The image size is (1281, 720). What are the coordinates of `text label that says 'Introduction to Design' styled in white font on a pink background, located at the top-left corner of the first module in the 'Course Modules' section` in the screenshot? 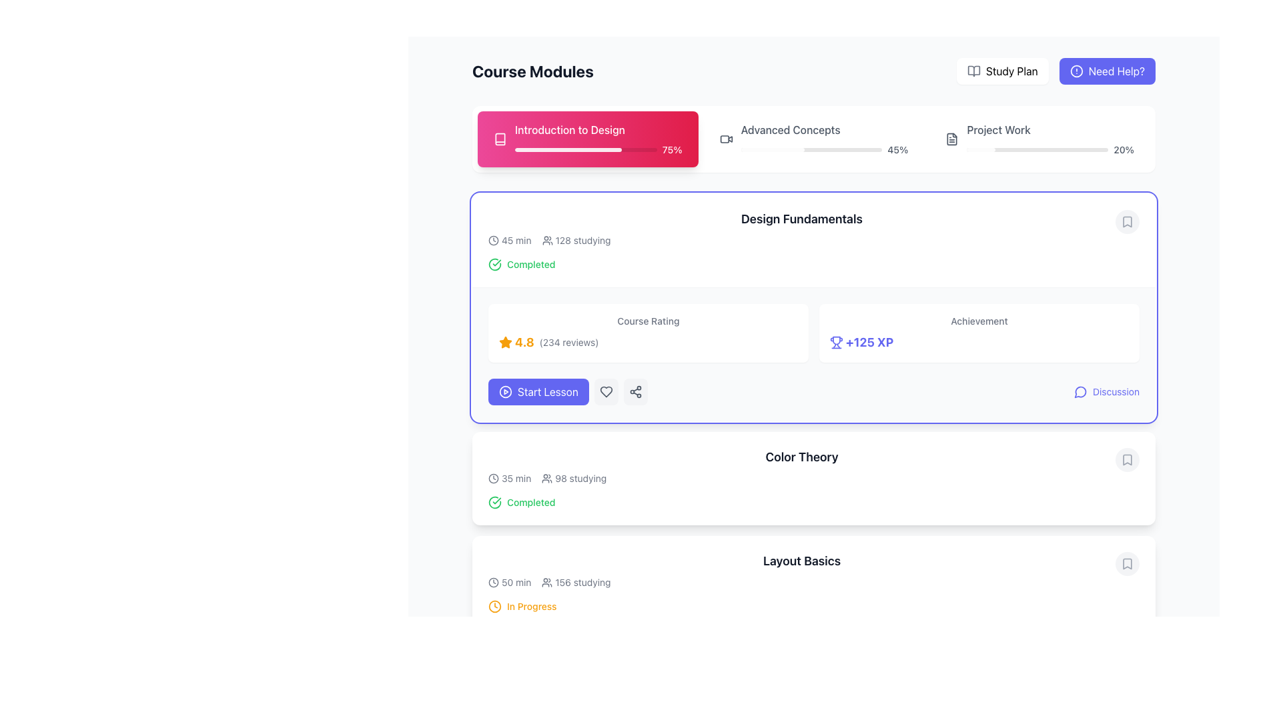 It's located at (598, 130).